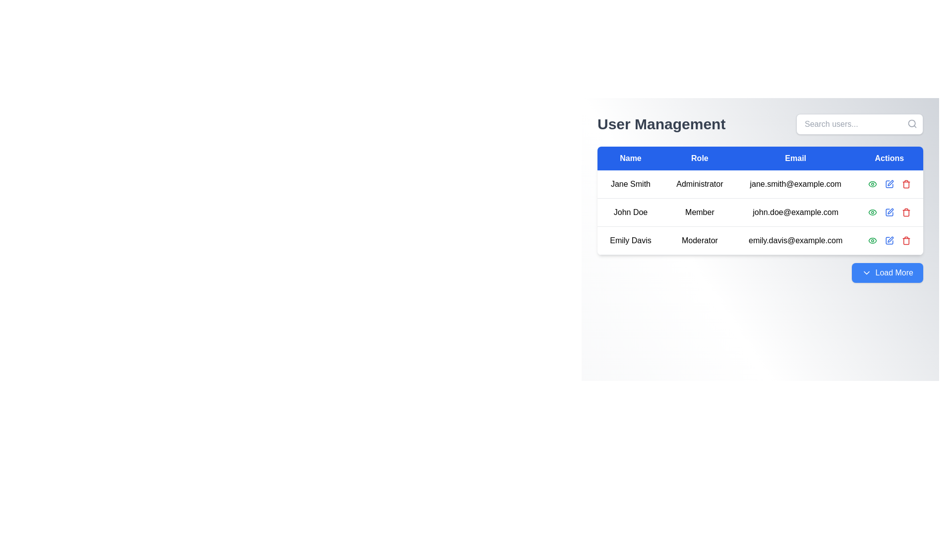 This screenshot has height=535, width=952. Describe the element at coordinates (912, 123) in the screenshot. I see `the search icon located at the far right end of the 'Search users...' input field` at that location.